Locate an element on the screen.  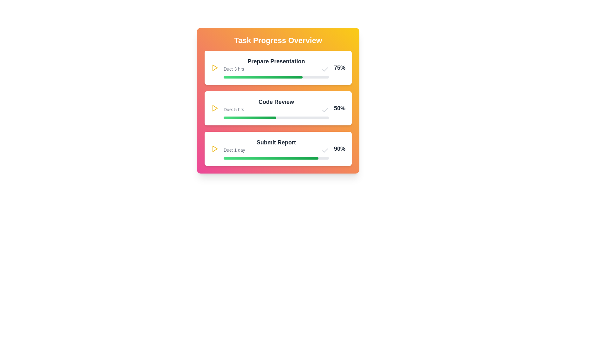
the progress bar indicating 90% completion for the 'Submit Report' task, located centrally beneath the text 'Due: 1 day' is located at coordinates (276, 158).